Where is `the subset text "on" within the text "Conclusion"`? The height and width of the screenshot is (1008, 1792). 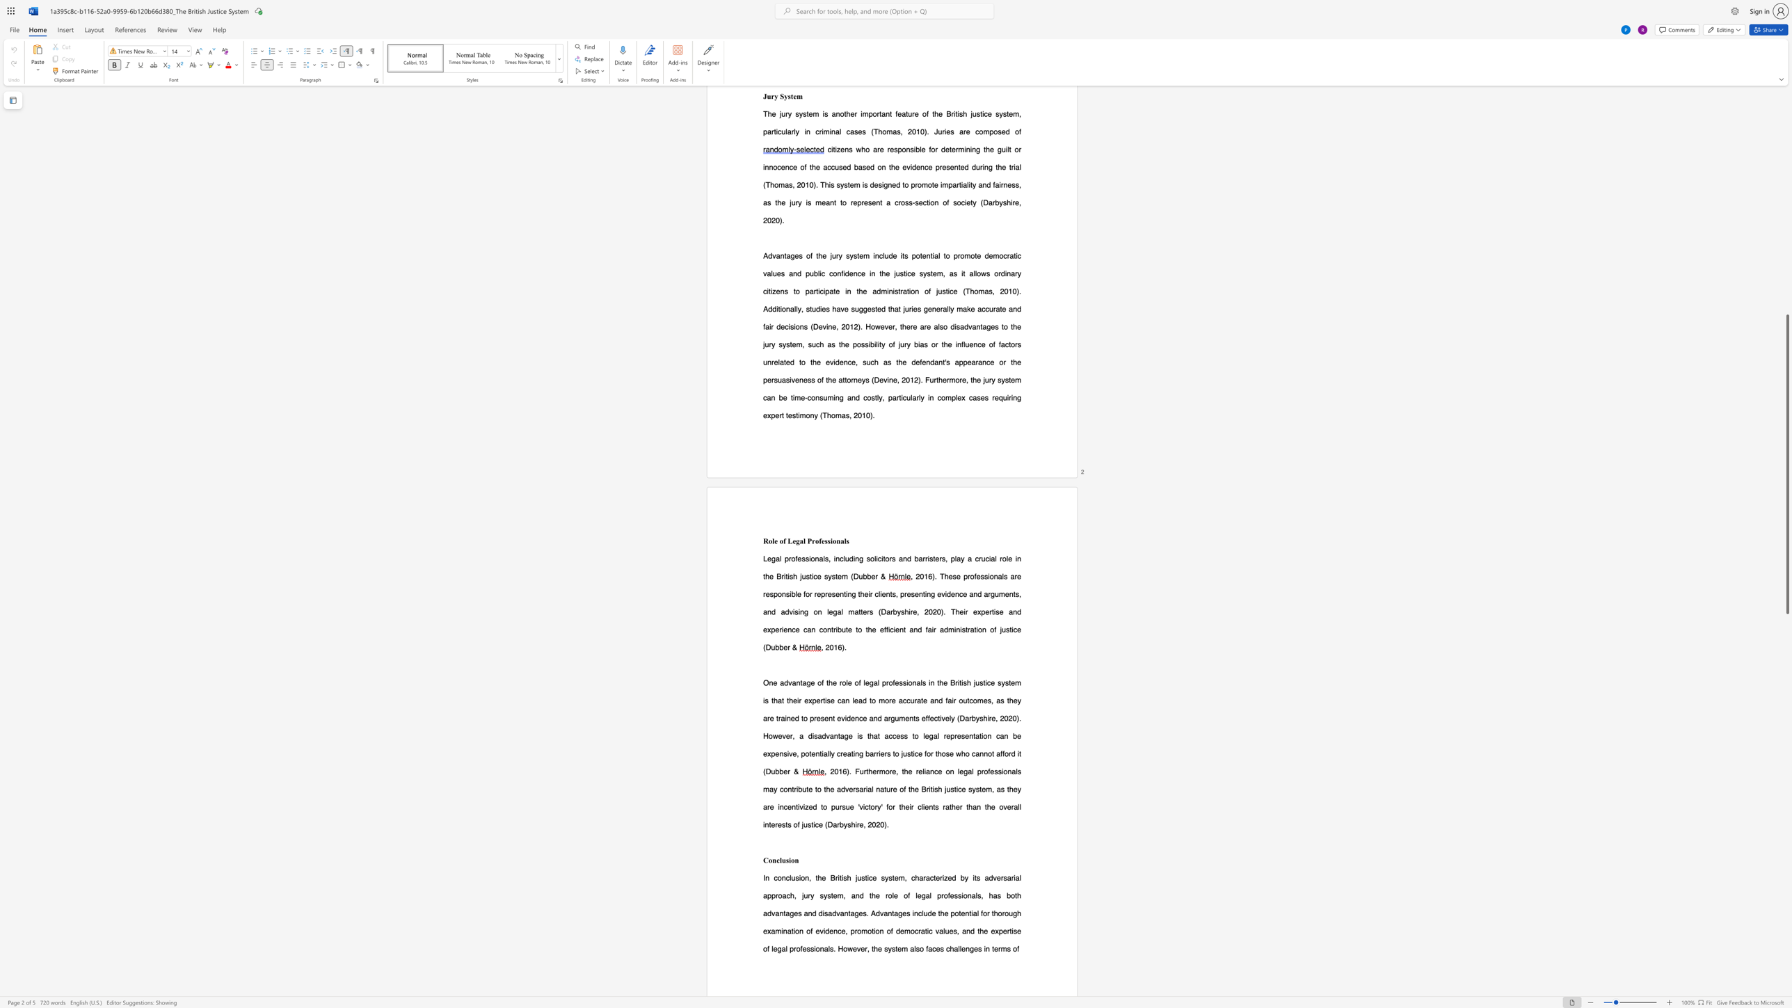
the subset text "on" within the text "Conclusion" is located at coordinates (790, 859).